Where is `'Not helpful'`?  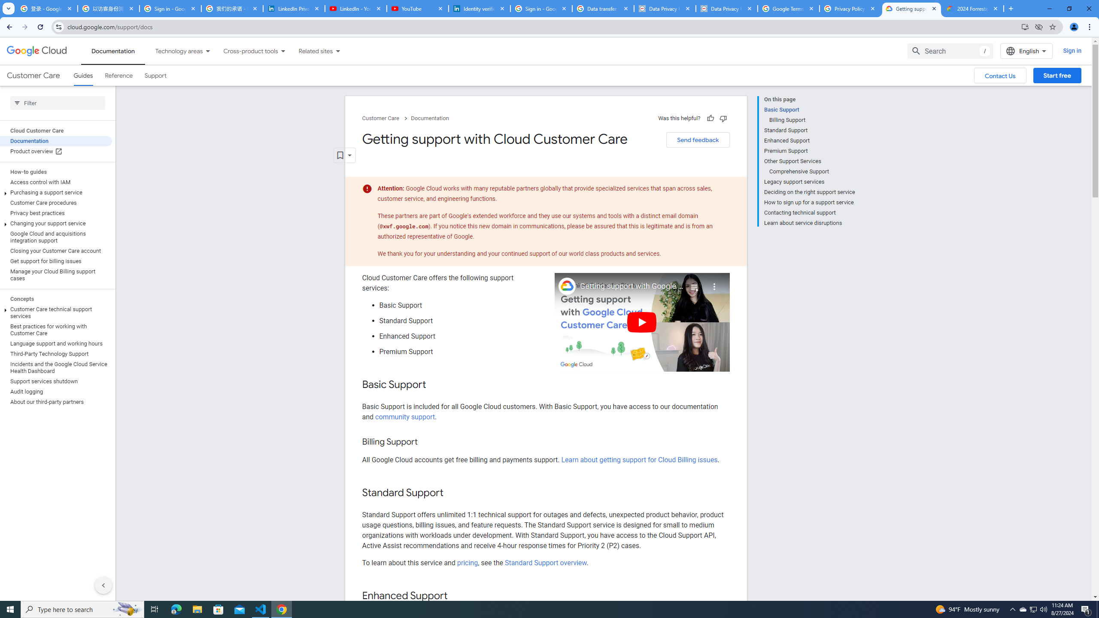 'Not helpful' is located at coordinates (723, 118).